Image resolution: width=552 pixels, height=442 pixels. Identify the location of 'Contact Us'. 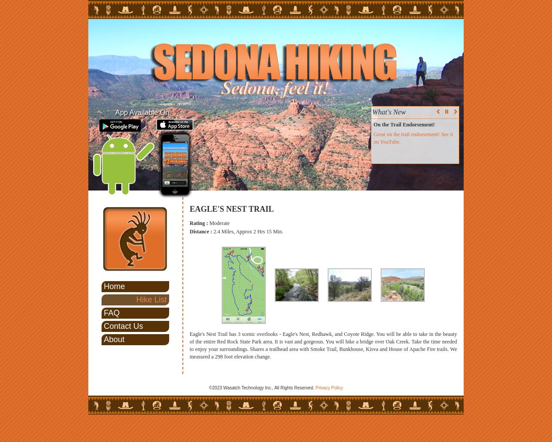
(123, 326).